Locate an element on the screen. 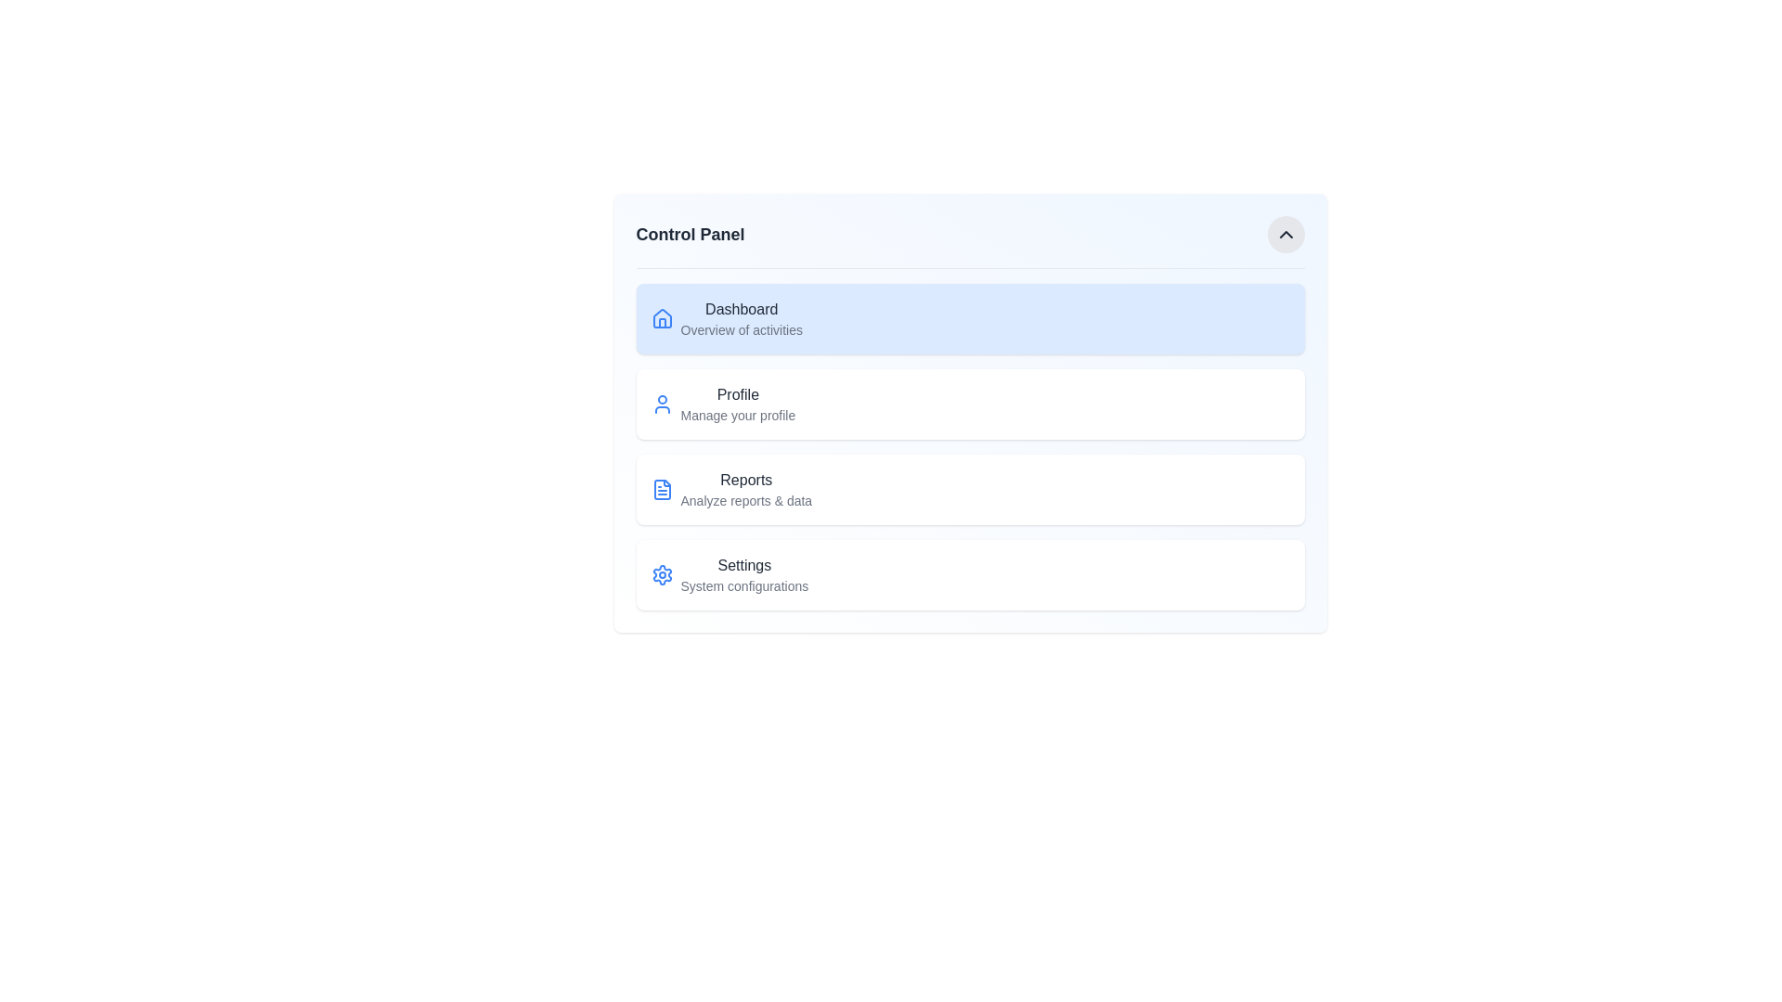  the clickable card for managing and analyzing reports and data, located between the 'Profile' card and 'Settings' card in the sidebar layout is located at coordinates (969, 489).